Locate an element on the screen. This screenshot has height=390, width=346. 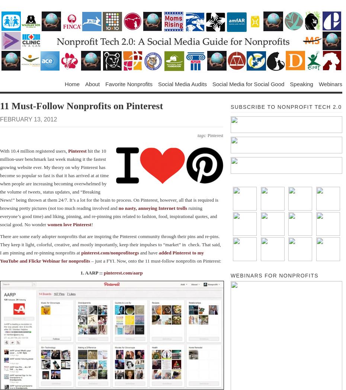
'tags:' is located at coordinates (202, 135).